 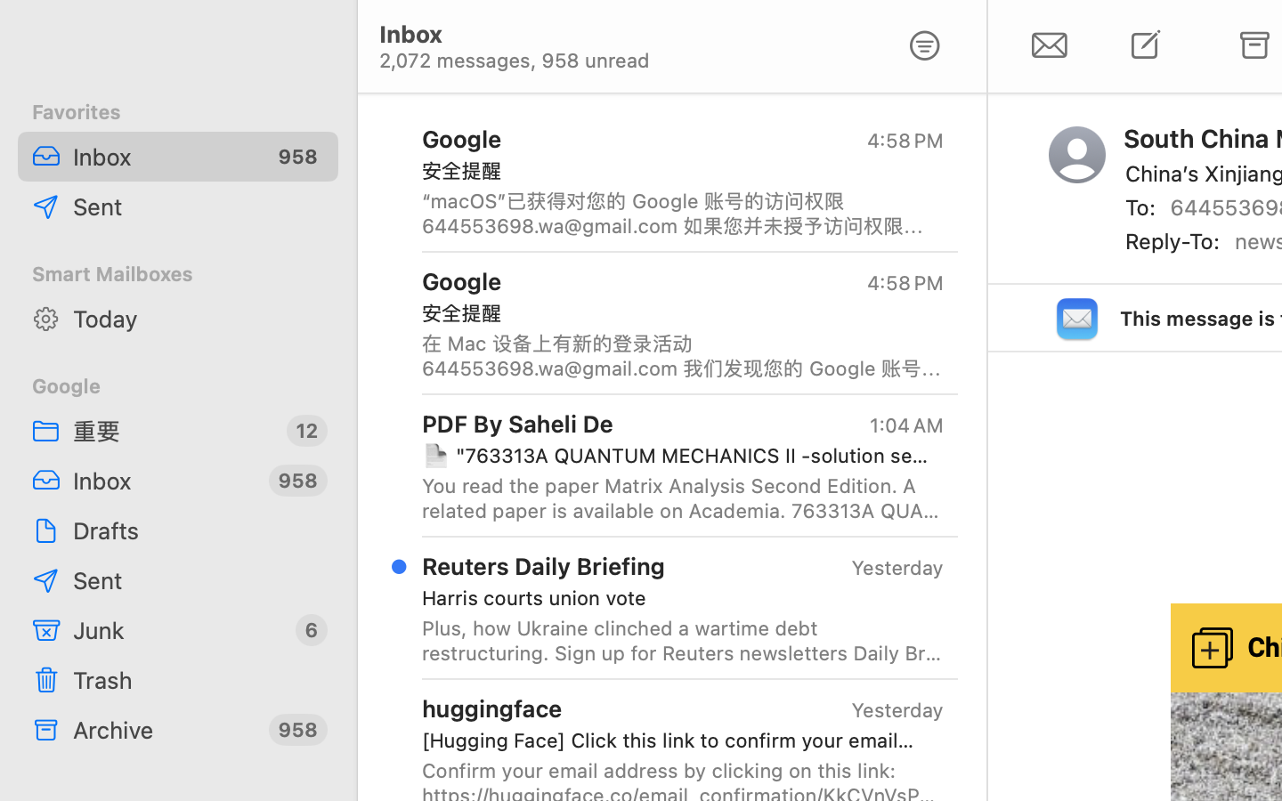 What do you see at coordinates (178, 272) in the screenshot?
I see `'Smart Mailboxes'` at bounding box center [178, 272].